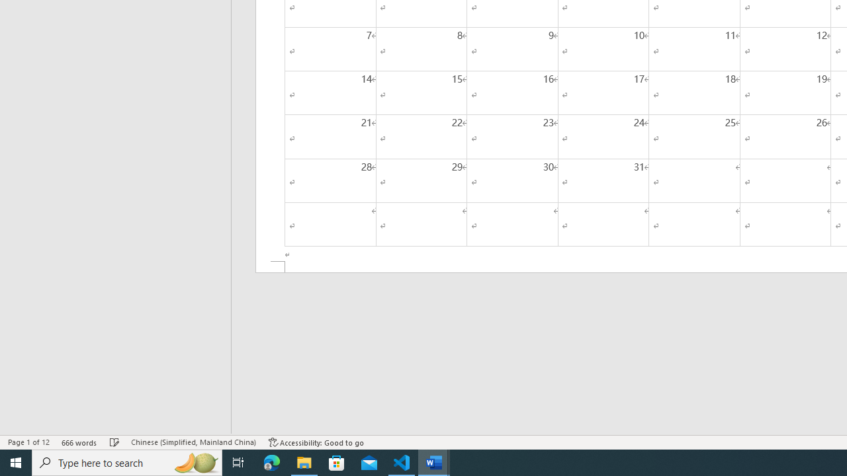  I want to click on 'Start', so click(16, 461).